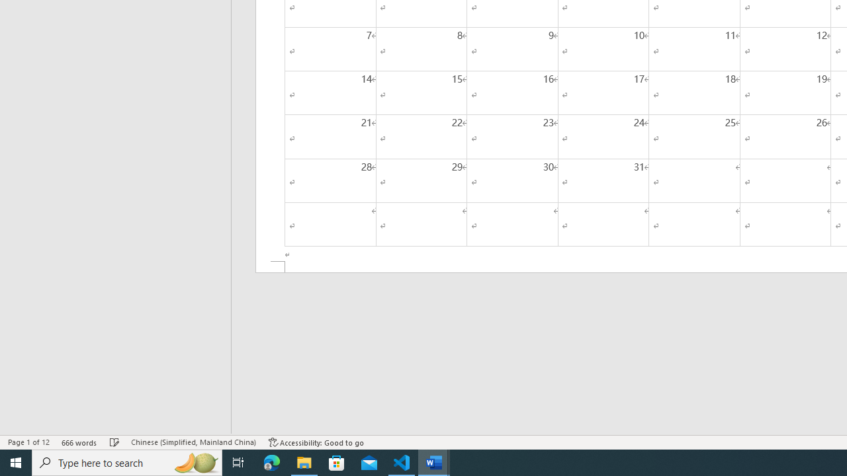  I want to click on 'Start', so click(16, 461).